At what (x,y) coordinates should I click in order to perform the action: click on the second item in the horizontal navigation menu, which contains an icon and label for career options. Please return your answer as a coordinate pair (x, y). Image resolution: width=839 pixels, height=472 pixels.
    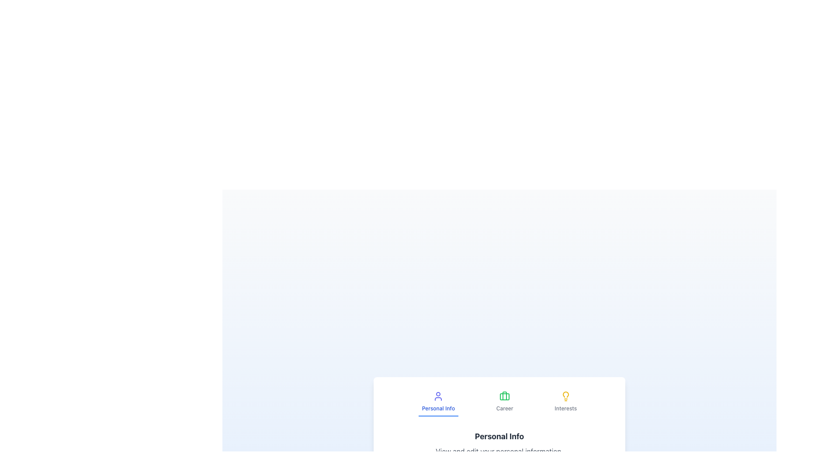
    Looking at the image, I should click on (505, 402).